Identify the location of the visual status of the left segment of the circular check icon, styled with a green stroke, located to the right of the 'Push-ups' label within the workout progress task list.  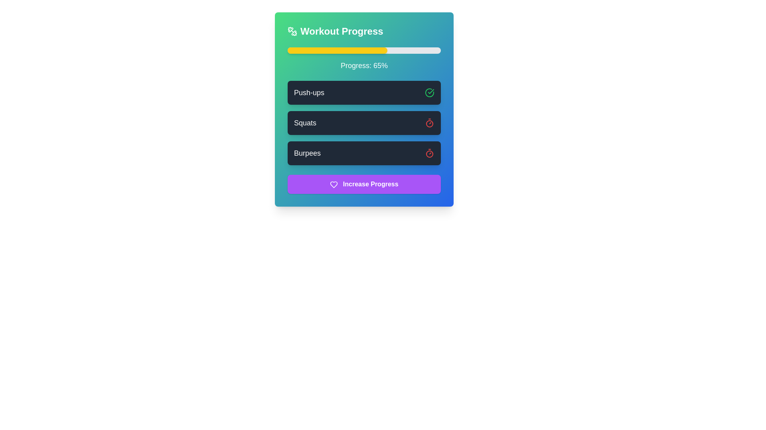
(429, 92).